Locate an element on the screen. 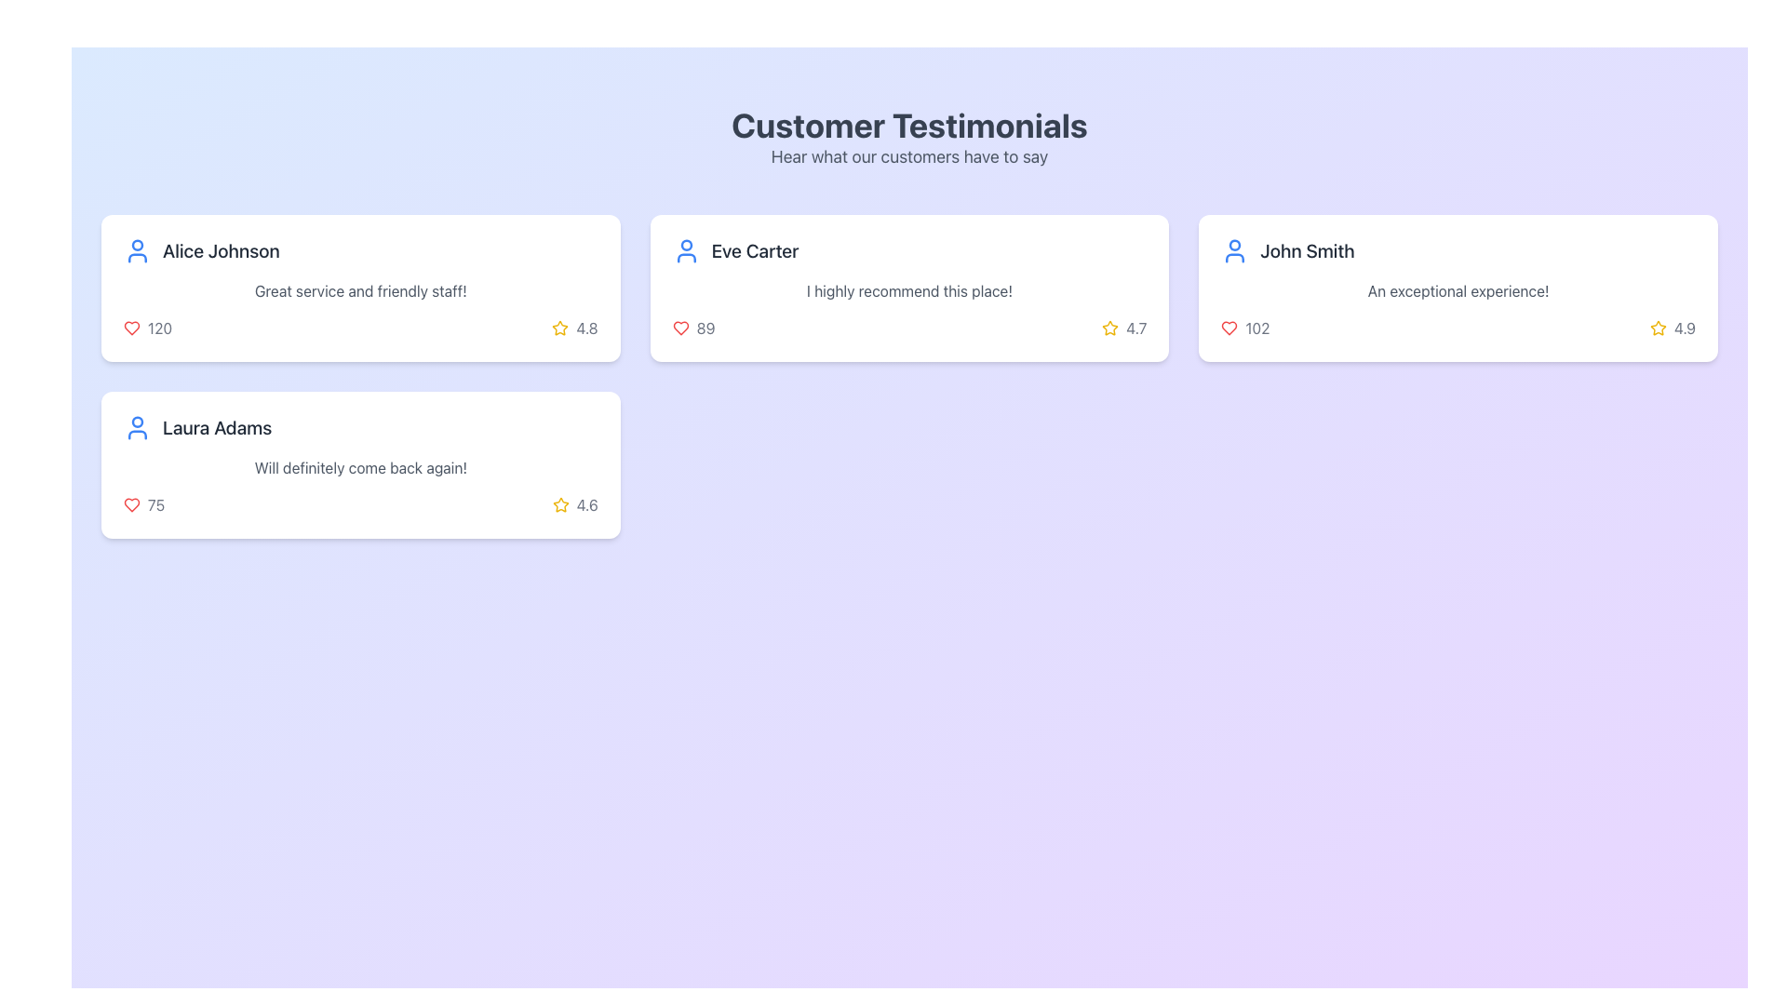 Image resolution: width=1787 pixels, height=1005 pixels. text content displaying the number '89', which is large, bold, and dark, located to the right of a red heart icon in the card for 'Eve Carter' is located at coordinates (705, 328).